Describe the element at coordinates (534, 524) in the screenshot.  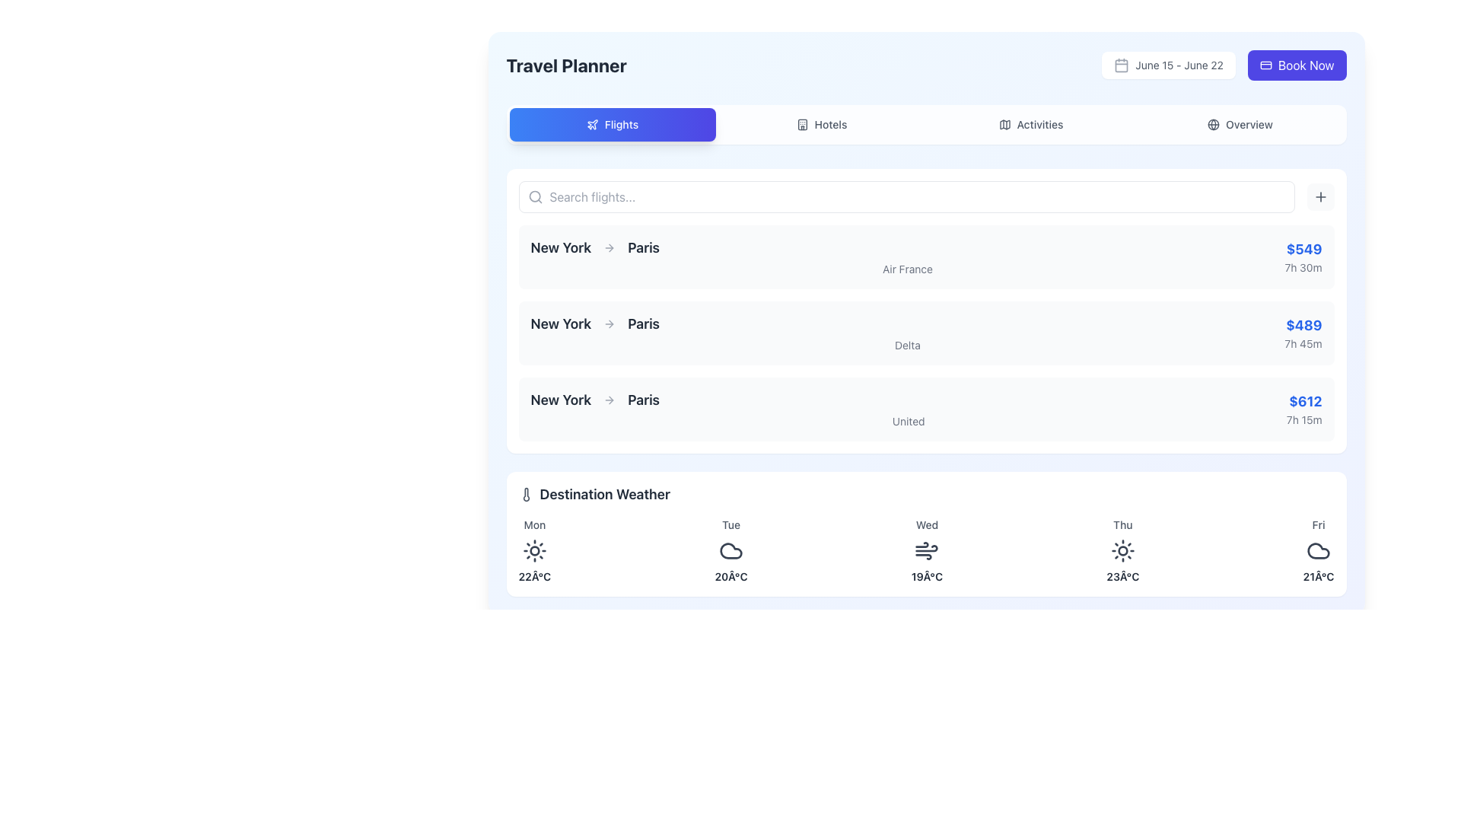
I see `the Text Label indicating the weather forecast for Monday, which is located in the leftmost cell of the 'Destination Weather' section` at that location.